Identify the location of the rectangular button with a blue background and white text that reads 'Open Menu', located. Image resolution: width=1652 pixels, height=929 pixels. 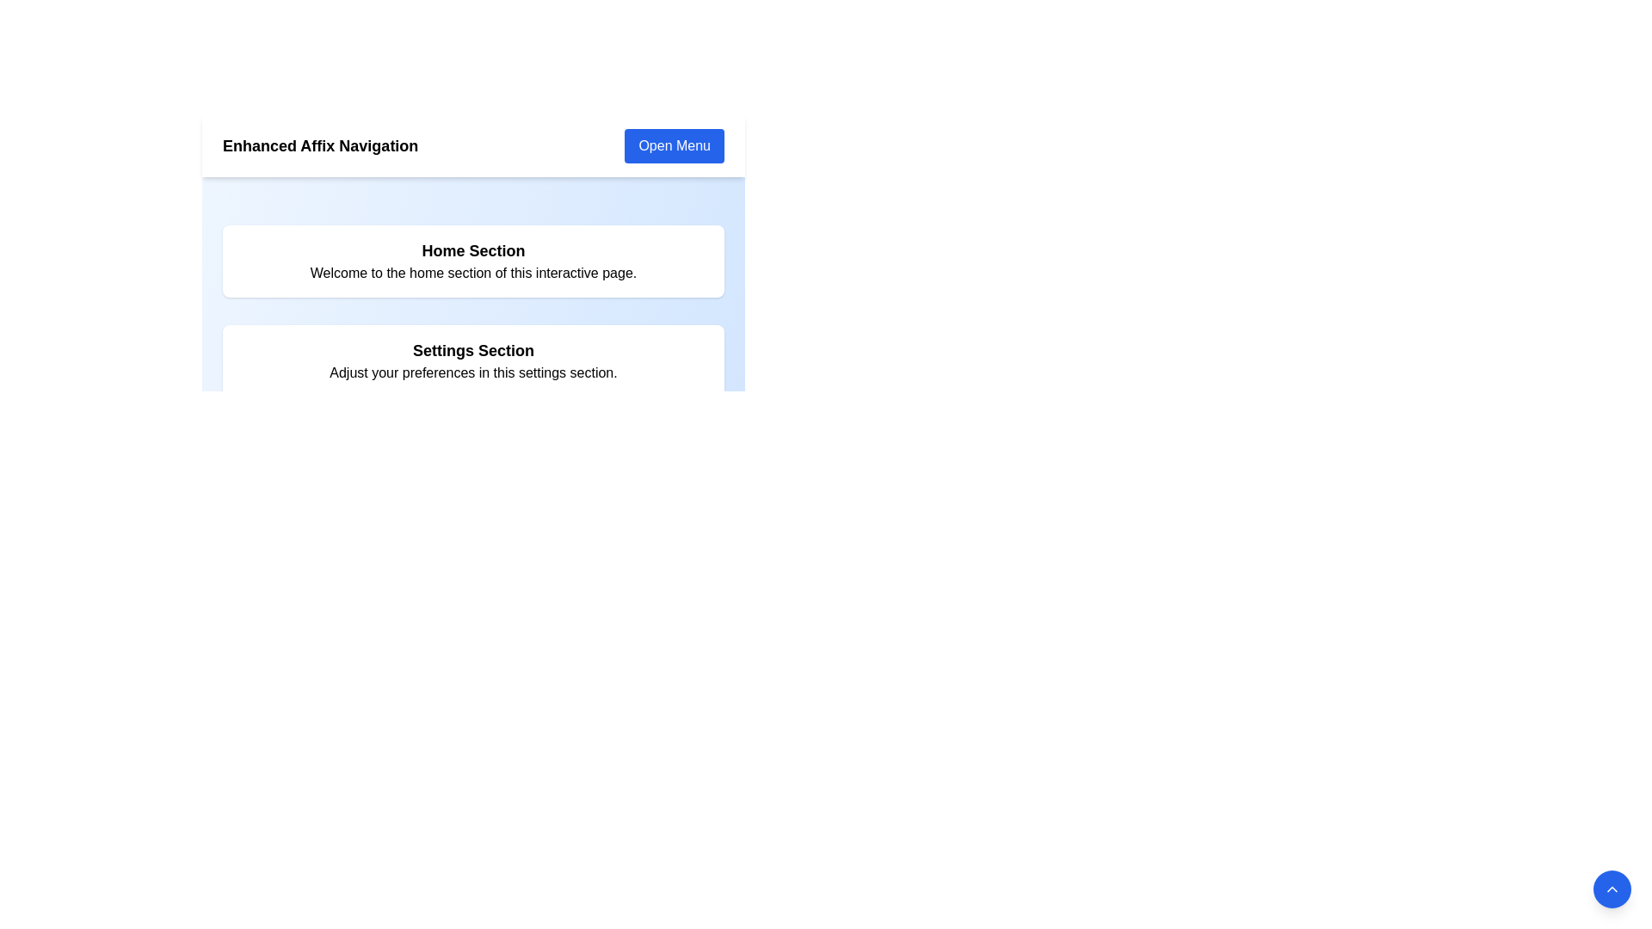
(673, 145).